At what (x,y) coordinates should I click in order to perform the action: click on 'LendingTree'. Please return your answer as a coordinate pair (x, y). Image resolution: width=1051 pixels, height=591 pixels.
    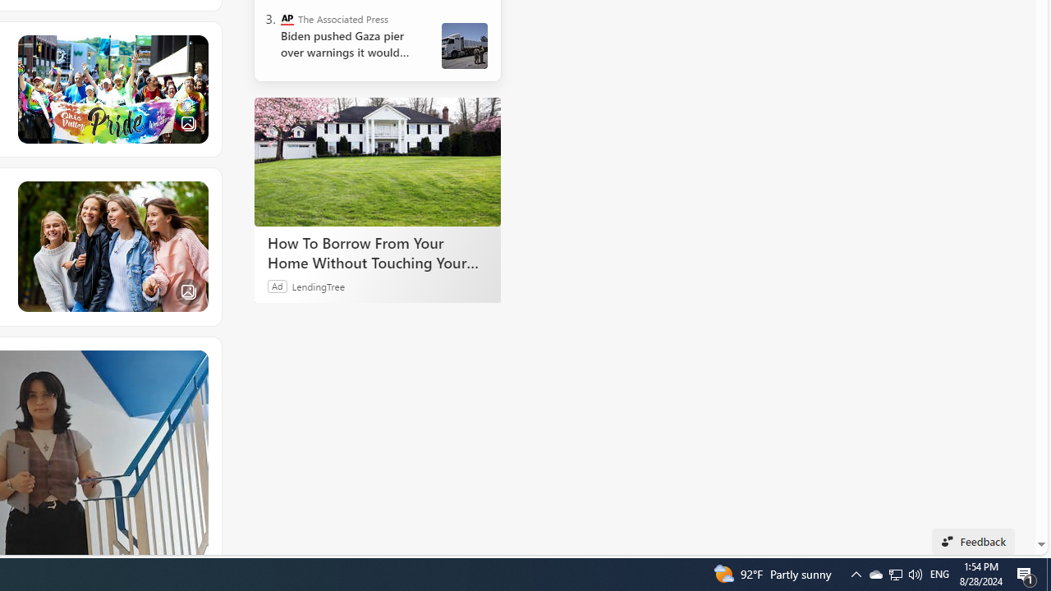
    Looking at the image, I should click on (318, 285).